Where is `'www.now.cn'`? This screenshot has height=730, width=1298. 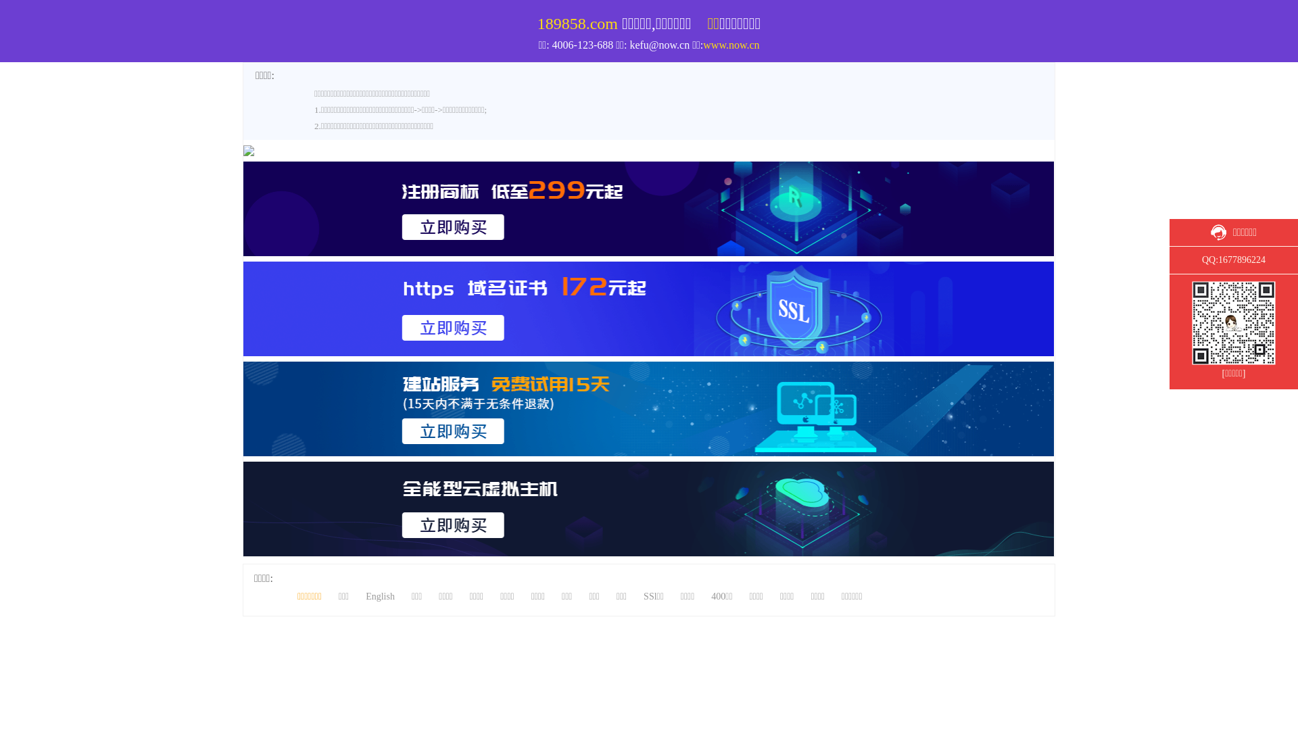 'www.now.cn' is located at coordinates (730, 44).